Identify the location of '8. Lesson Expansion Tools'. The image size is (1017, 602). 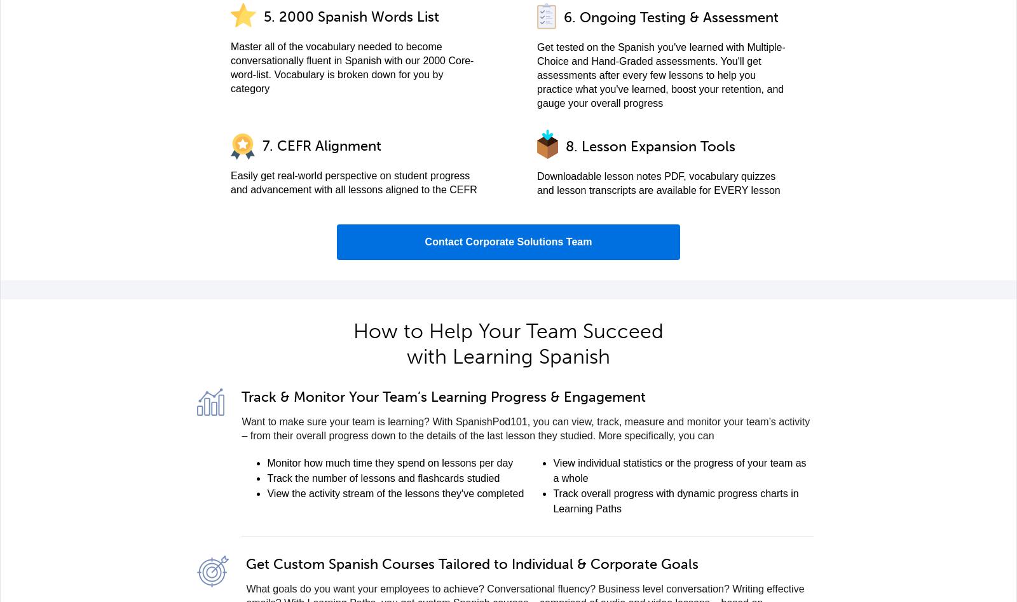
(650, 146).